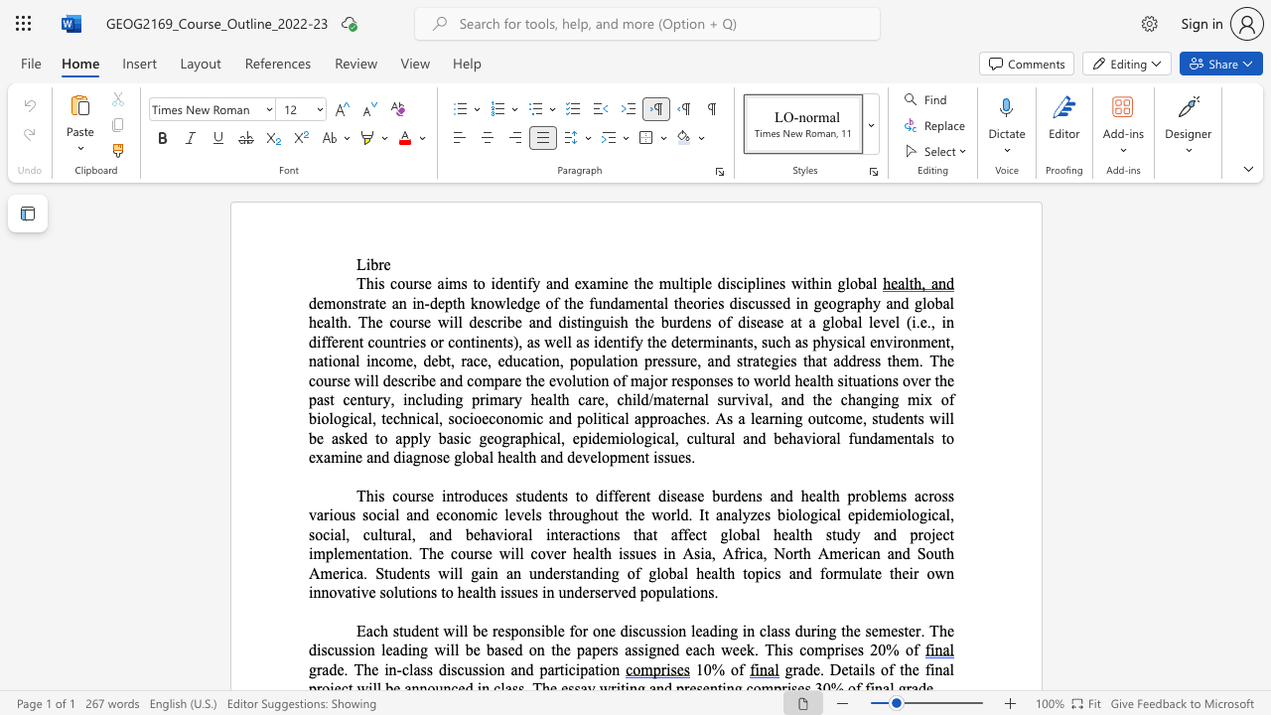 The height and width of the screenshot is (715, 1271). What do you see at coordinates (478, 341) in the screenshot?
I see `the 1th character "i" in the text` at bounding box center [478, 341].